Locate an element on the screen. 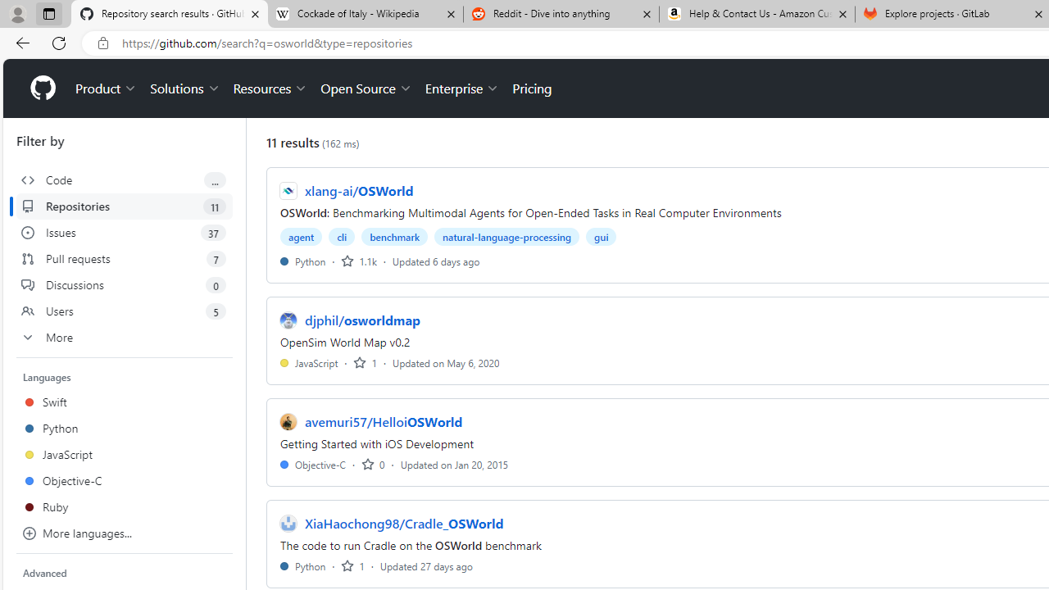 Image resolution: width=1049 pixels, height=590 pixels. 'agent' is located at coordinates (302, 237).